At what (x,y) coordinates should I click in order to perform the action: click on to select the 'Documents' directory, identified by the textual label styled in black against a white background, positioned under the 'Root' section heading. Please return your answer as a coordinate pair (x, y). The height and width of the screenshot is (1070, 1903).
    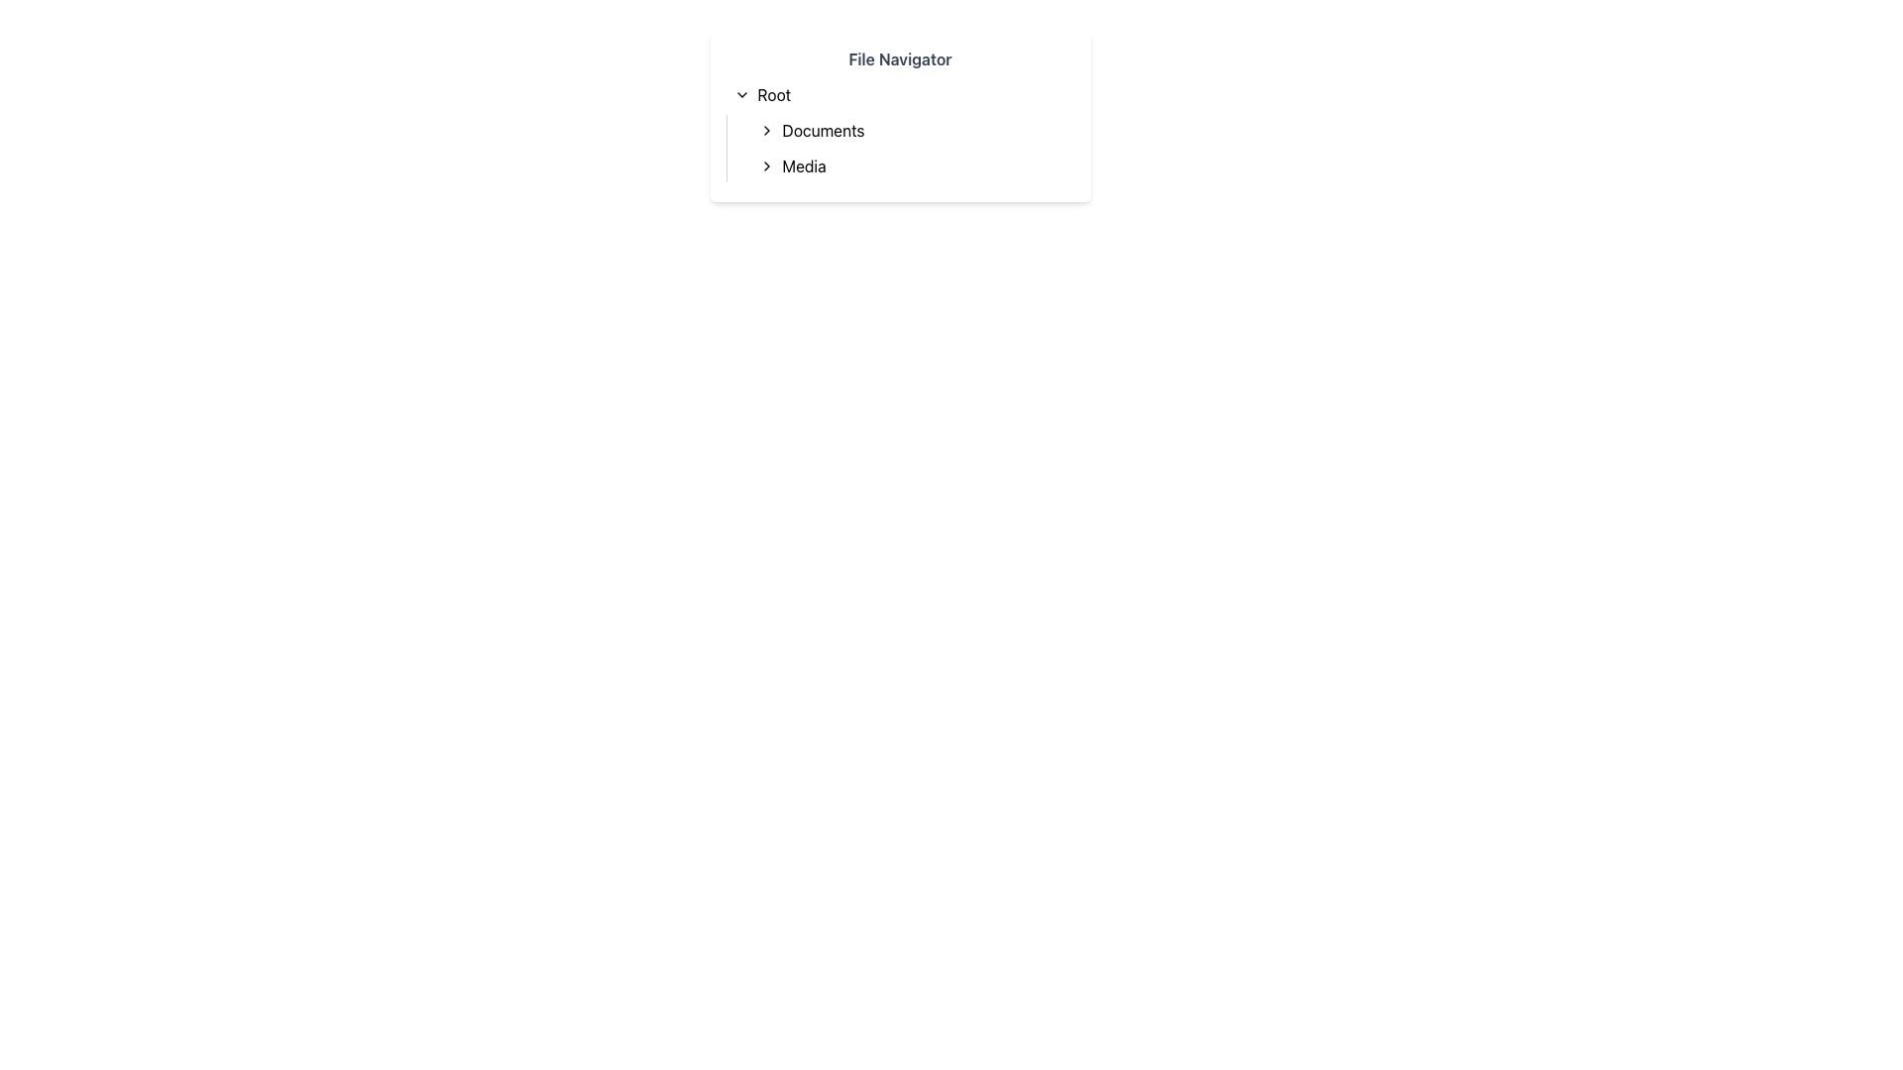
    Looking at the image, I should click on (823, 130).